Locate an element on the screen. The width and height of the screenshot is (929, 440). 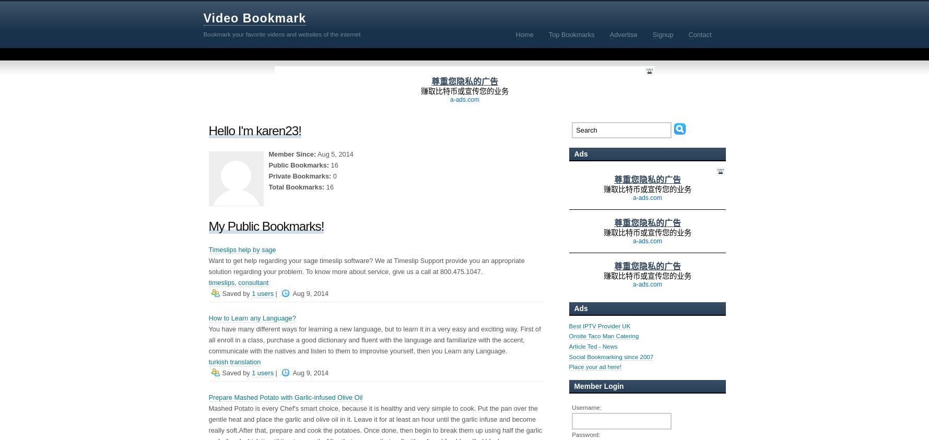
'Total Bookmarks:' is located at coordinates (267, 186).